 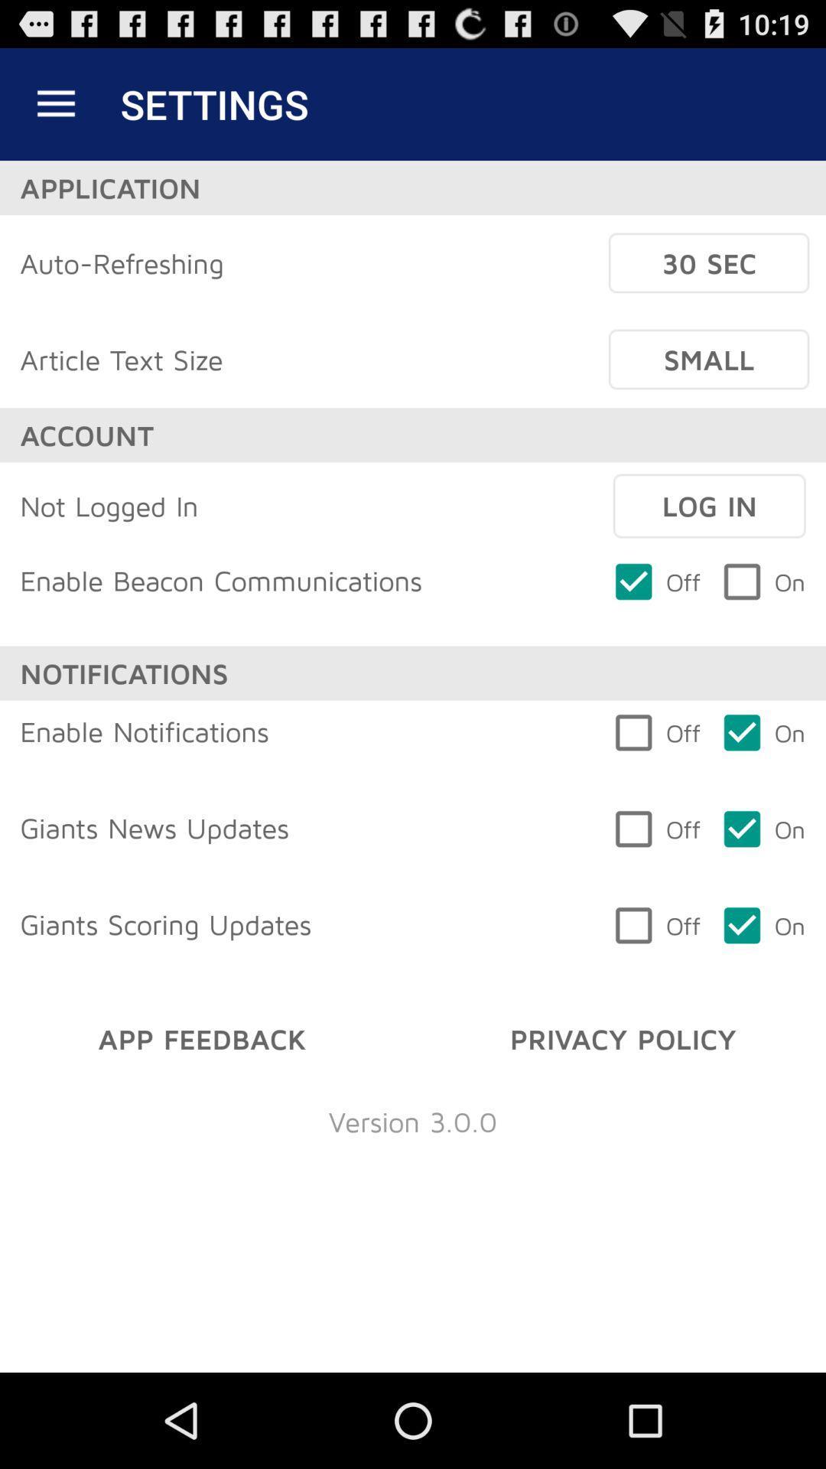 What do you see at coordinates (55, 103) in the screenshot?
I see `the item to the left of the settings` at bounding box center [55, 103].